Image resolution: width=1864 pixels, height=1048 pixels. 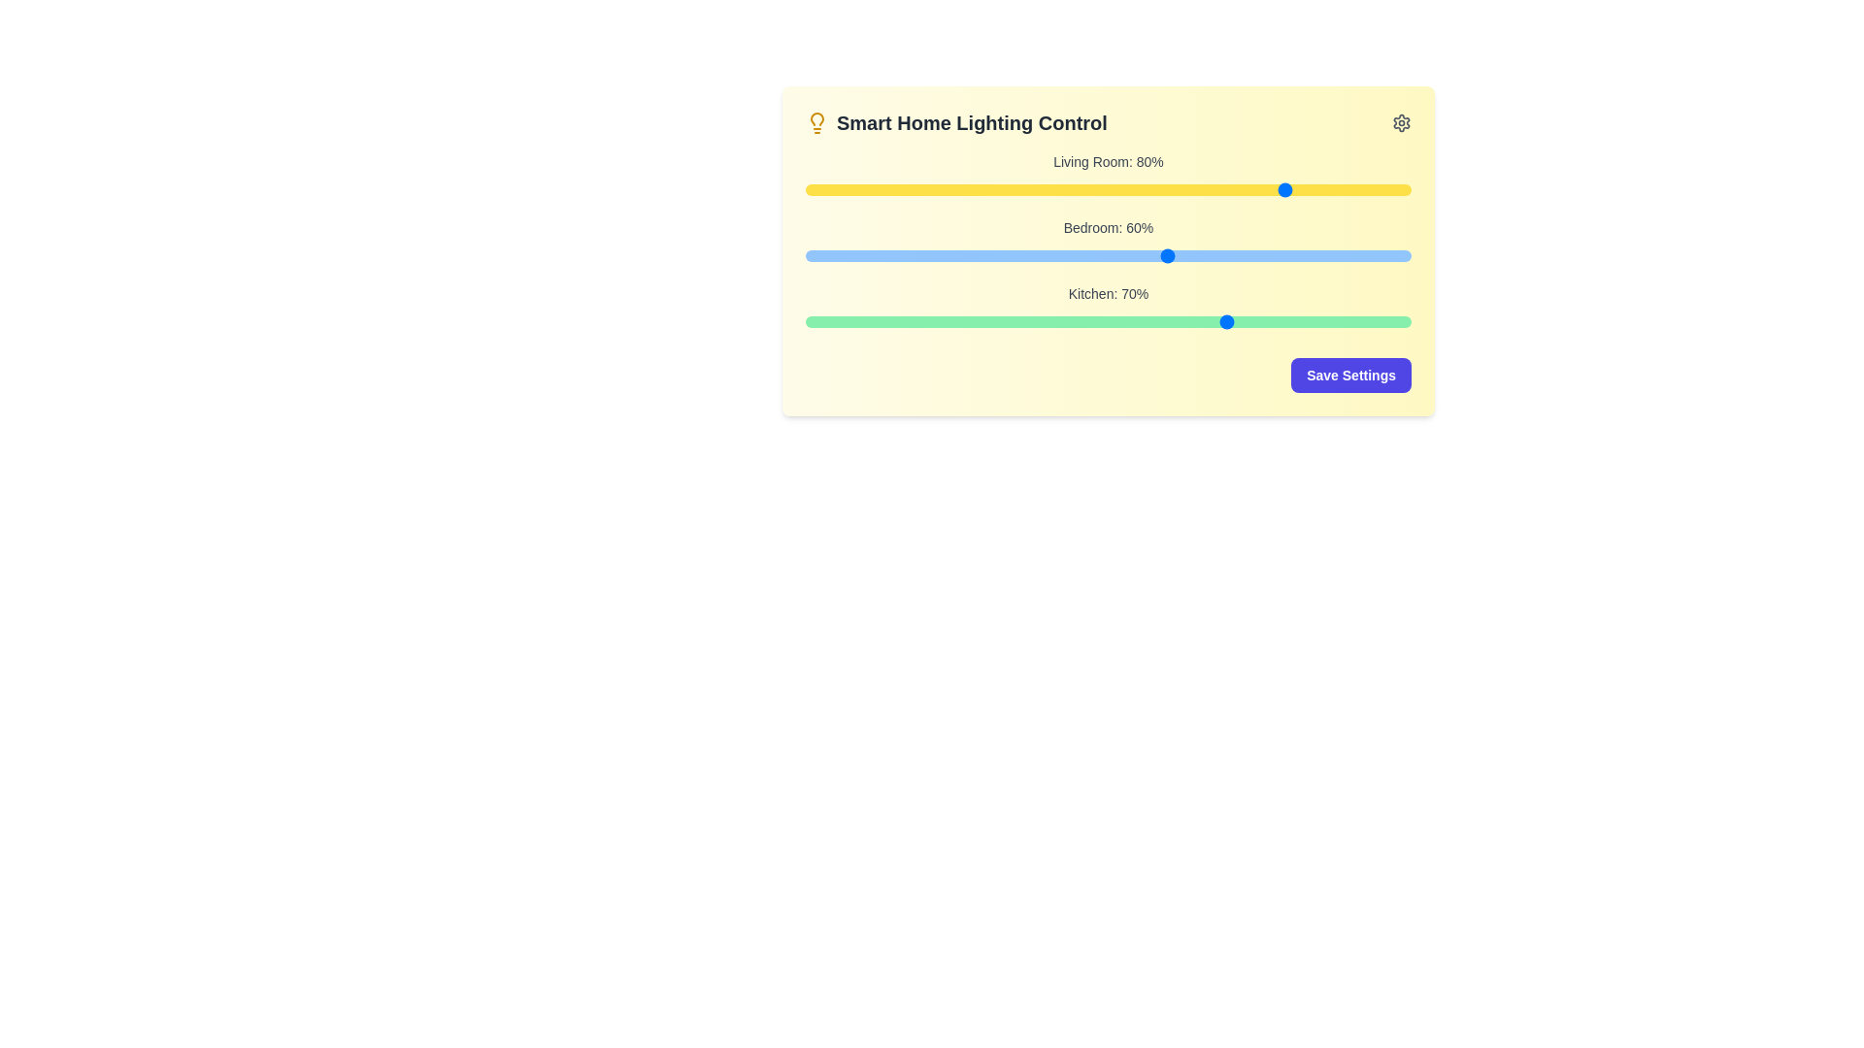 I want to click on the living room light intensity, so click(x=1349, y=190).